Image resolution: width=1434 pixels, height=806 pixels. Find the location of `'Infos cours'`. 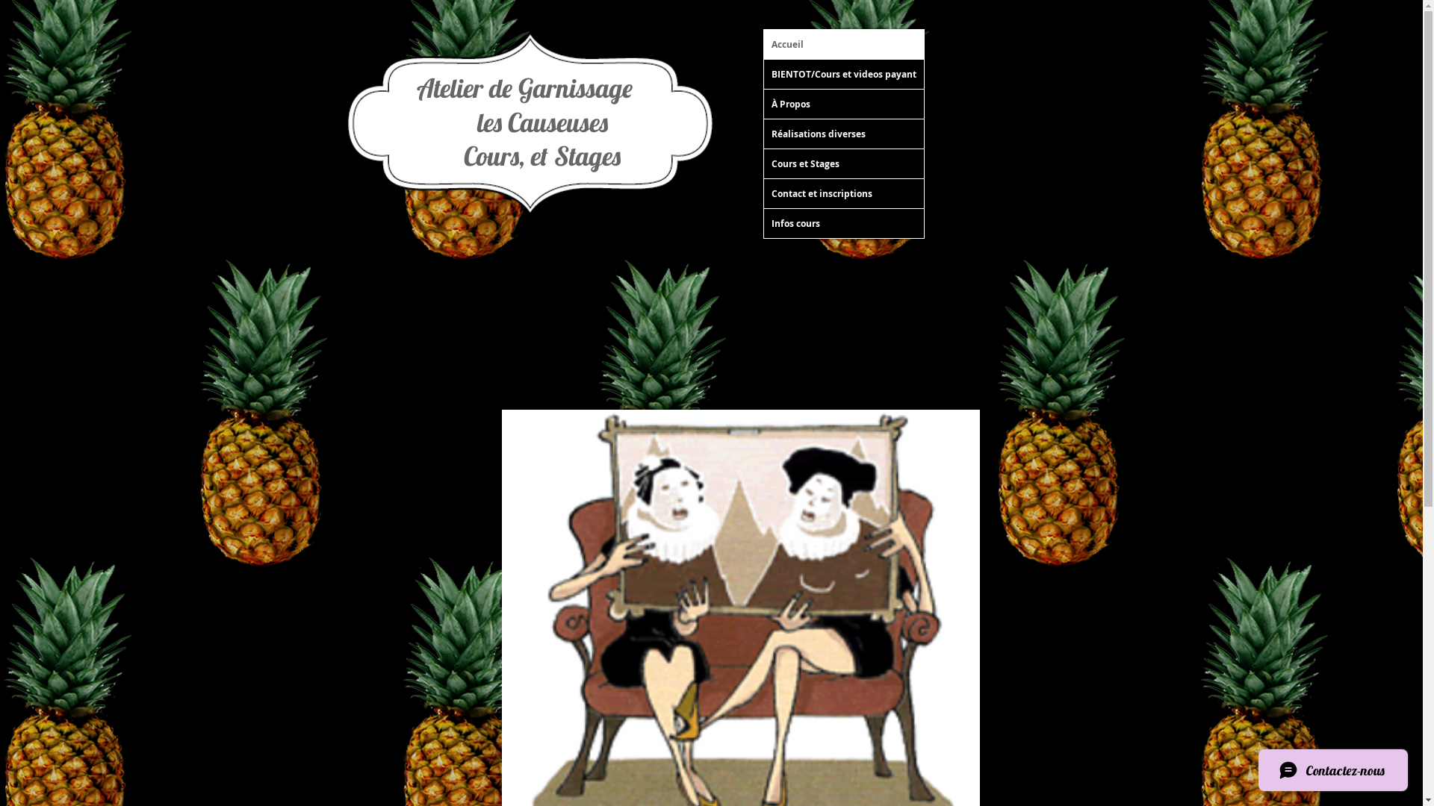

'Infos cours' is located at coordinates (842, 223).